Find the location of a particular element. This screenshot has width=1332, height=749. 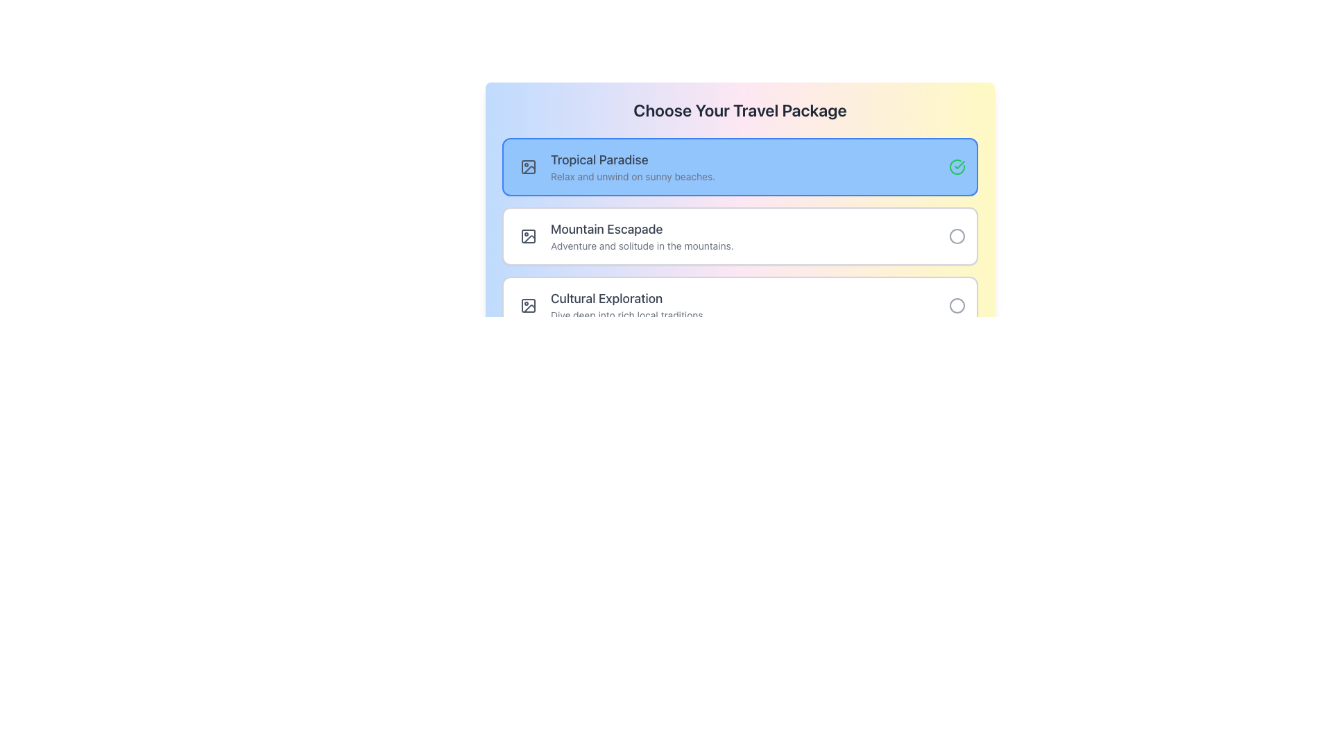

the SVG Rectangle that is part of the image icon for the 'Tropical Paradise' travel package, located near the top left corner of the list item is located at coordinates (528, 304).